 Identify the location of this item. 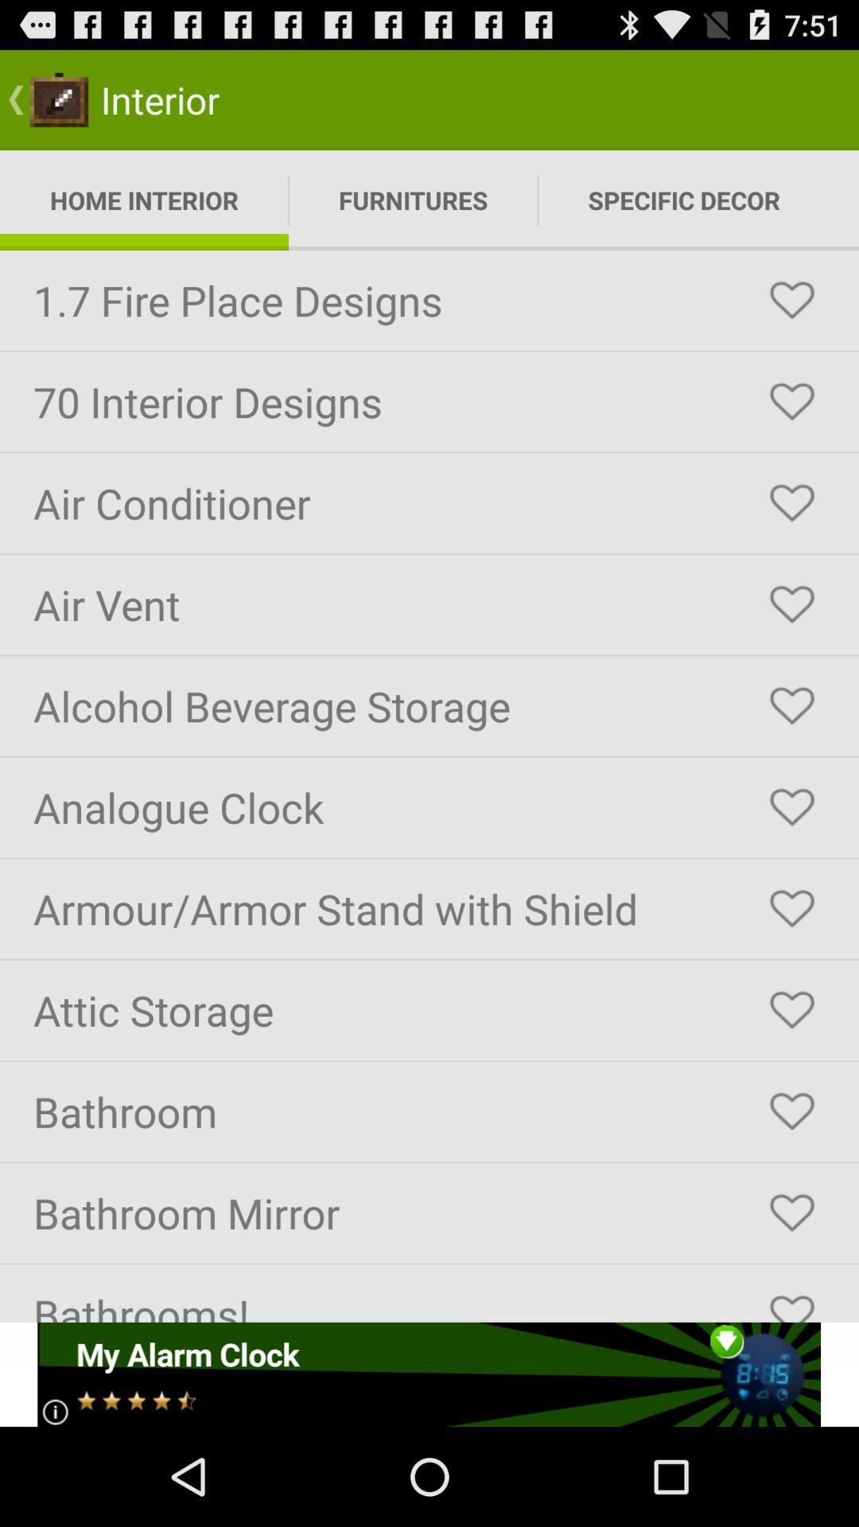
(791, 1009).